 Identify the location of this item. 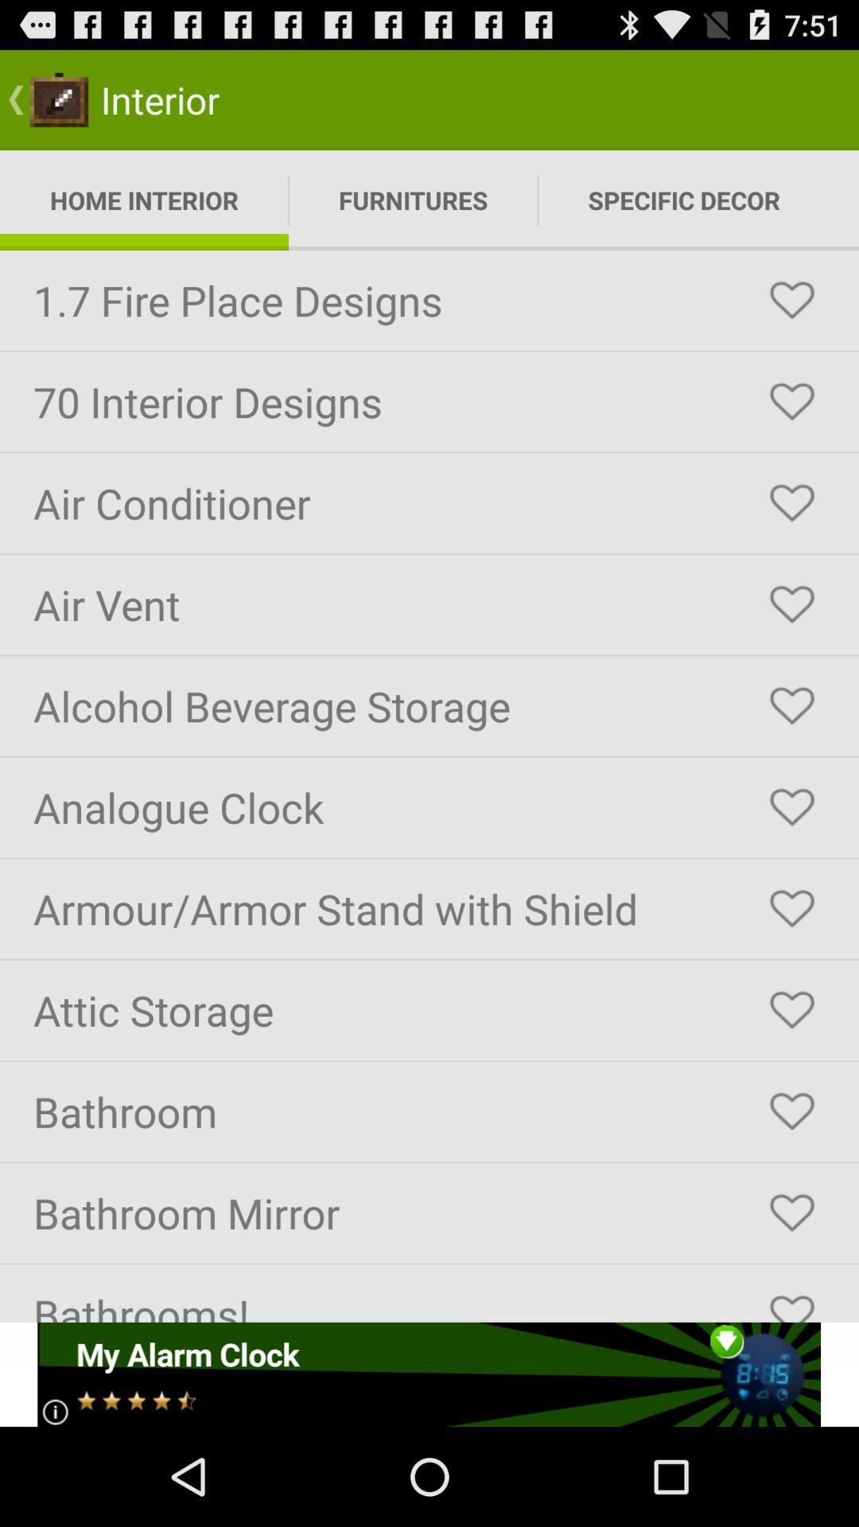
(791, 1009).